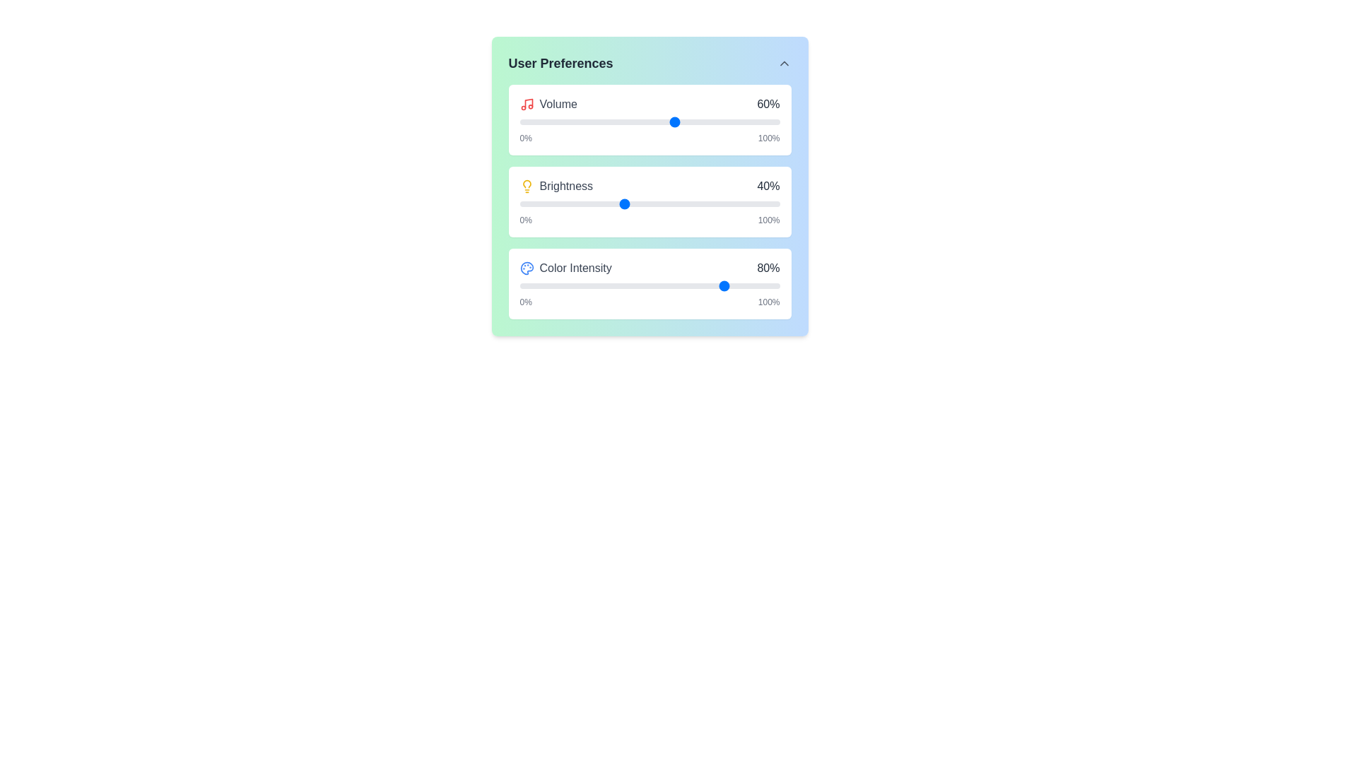 This screenshot has height=763, width=1357. What do you see at coordinates (560, 62) in the screenshot?
I see `the non-interactive header or title for the preferences section located at the top left of the settings panel` at bounding box center [560, 62].